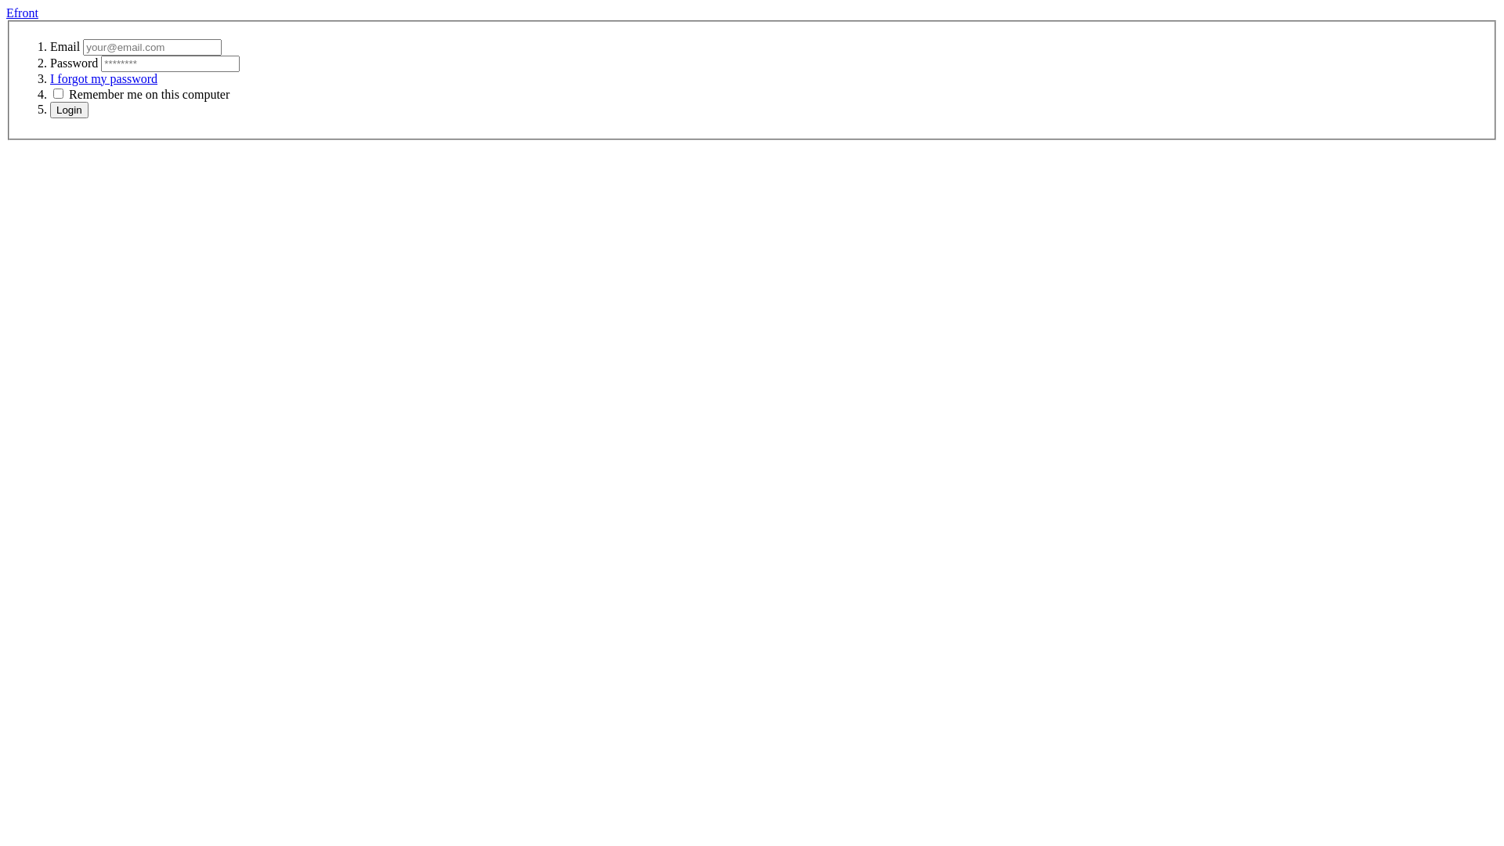  What do you see at coordinates (49, 78) in the screenshot?
I see `'I forgot my password'` at bounding box center [49, 78].